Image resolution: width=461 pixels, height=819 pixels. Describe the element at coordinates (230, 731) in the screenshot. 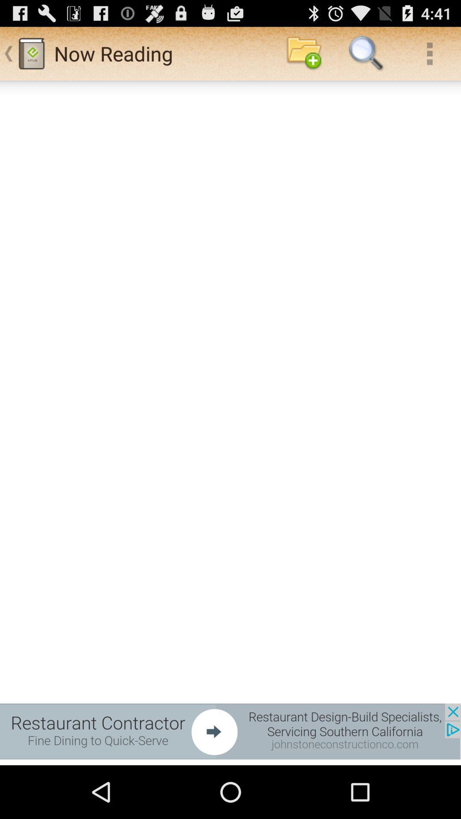

I see `click advertisement` at that location.